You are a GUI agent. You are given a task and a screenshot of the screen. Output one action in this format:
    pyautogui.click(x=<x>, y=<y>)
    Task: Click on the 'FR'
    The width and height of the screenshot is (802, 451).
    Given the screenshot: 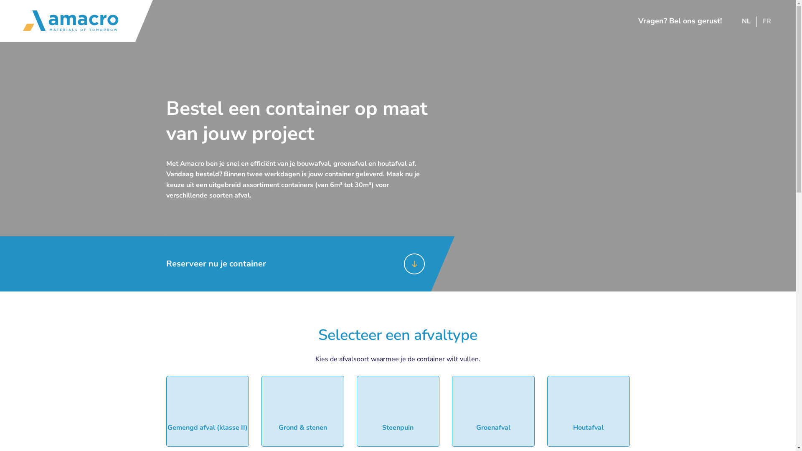 What is the action you would take?
    pyautogui.click(x=767, y=20)
    